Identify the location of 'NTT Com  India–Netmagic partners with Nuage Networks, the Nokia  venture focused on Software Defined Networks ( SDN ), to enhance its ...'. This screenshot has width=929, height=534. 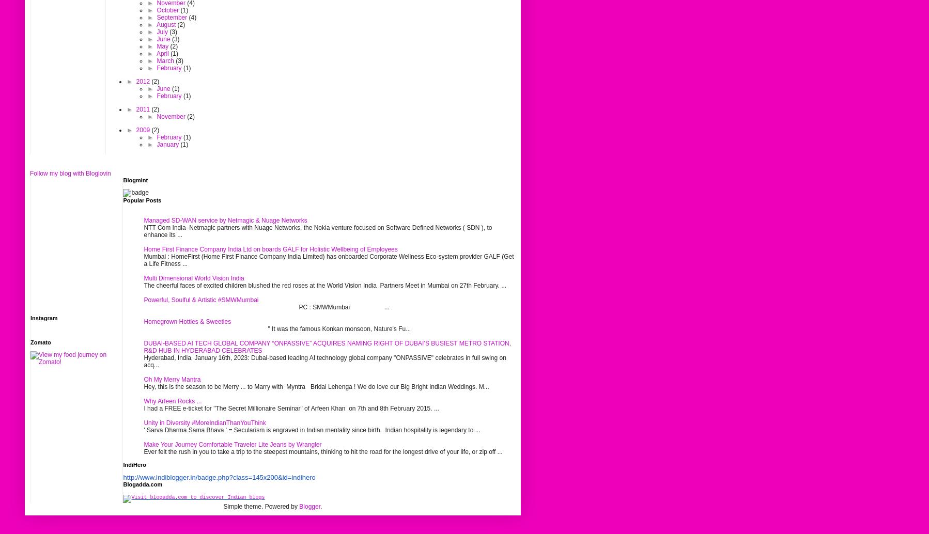
(143, 231).